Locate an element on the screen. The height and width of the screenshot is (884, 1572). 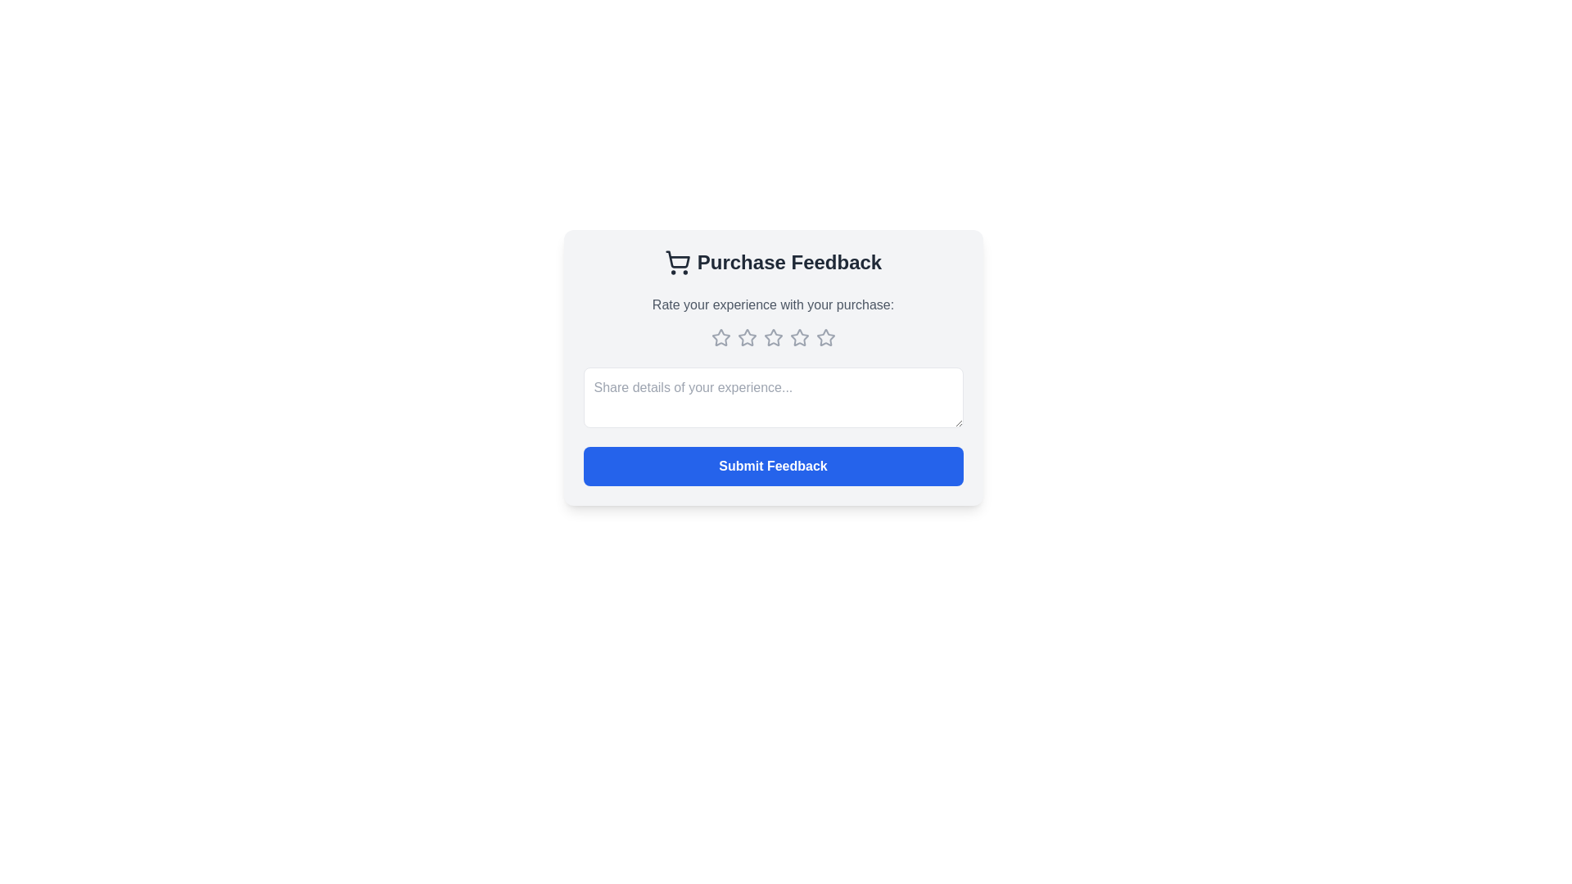
the fourth star in the rating system is located at coordinates (799, 336).